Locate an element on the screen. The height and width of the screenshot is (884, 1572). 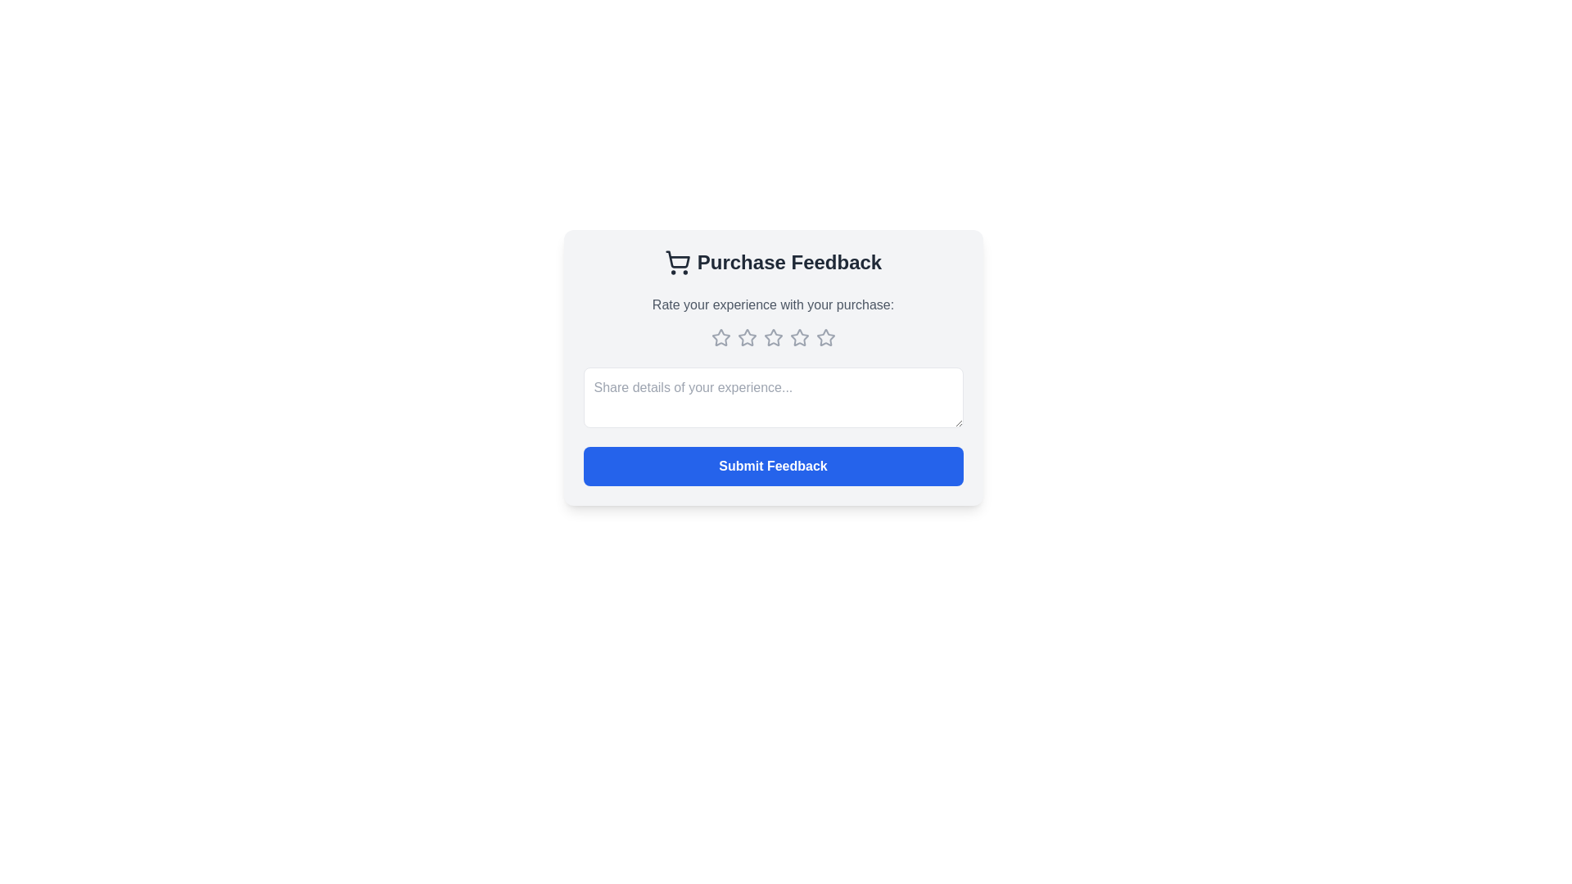
the fourth star in the rating system is located at coordinates (799, 336).